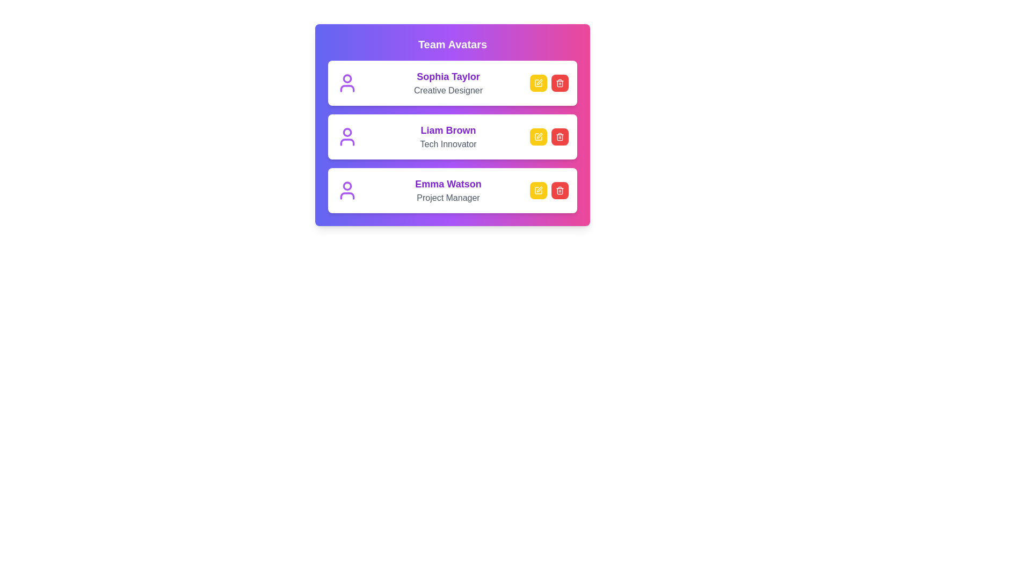 The width and height of the screenshot is (1031, 580). I want to click on the Profile Card of Emma Watson, which is the third item in the list containing team members, so click(453, 190).